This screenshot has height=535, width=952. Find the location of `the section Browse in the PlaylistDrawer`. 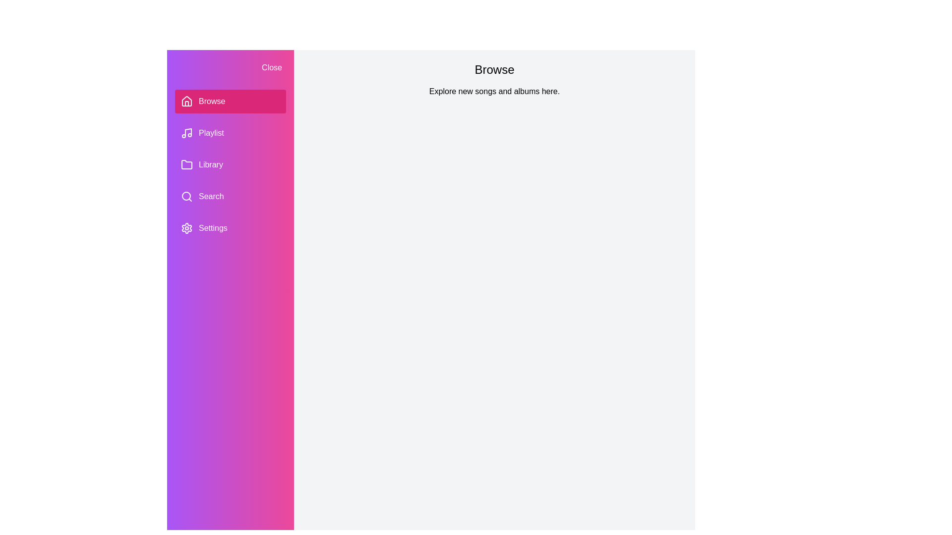

the section Browse in the PlaylistDrawer is located at coordinates (230, 101).